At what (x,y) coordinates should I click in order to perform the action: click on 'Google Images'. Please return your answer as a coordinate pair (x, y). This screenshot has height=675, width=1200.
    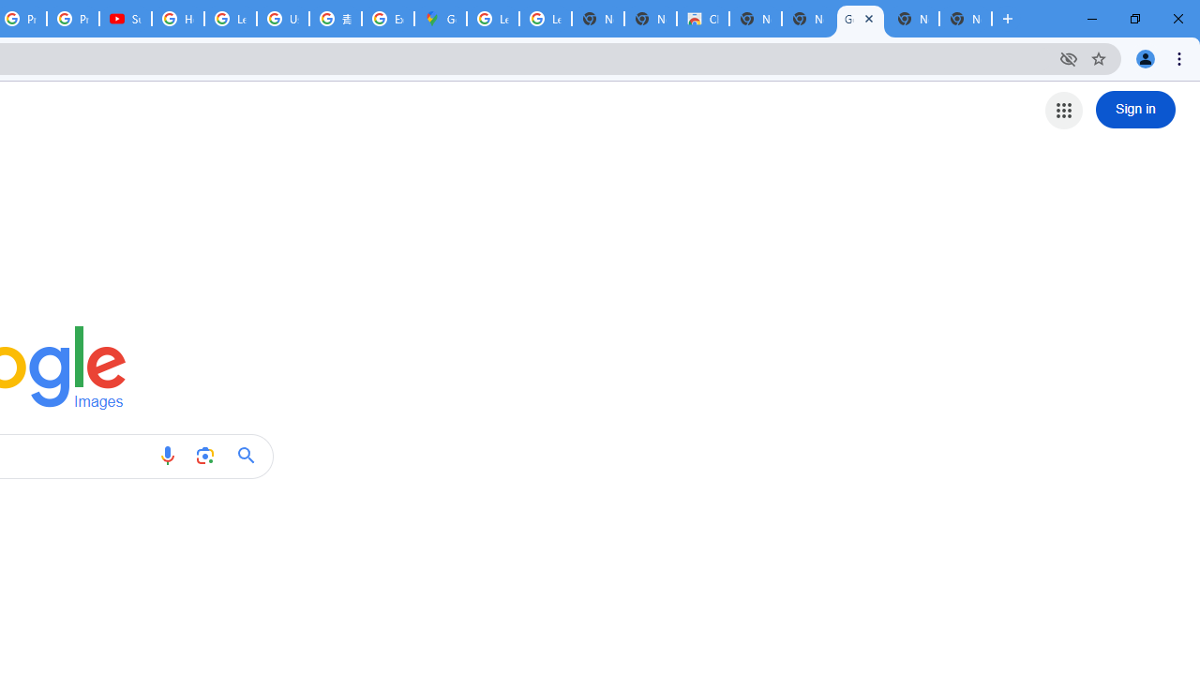
    Looking at the image, I should click on (859, 19).